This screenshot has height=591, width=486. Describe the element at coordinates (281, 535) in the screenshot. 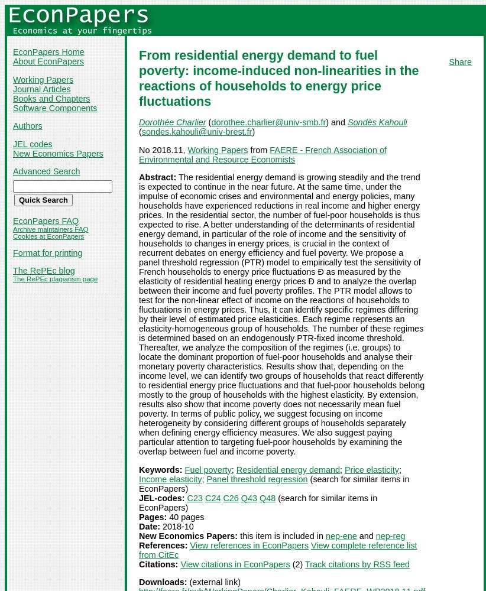

I see `'this item is included in'` at that location.